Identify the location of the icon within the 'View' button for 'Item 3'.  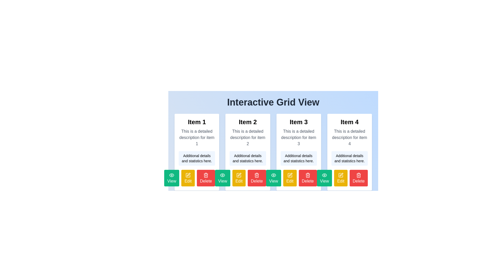
(324, 175).